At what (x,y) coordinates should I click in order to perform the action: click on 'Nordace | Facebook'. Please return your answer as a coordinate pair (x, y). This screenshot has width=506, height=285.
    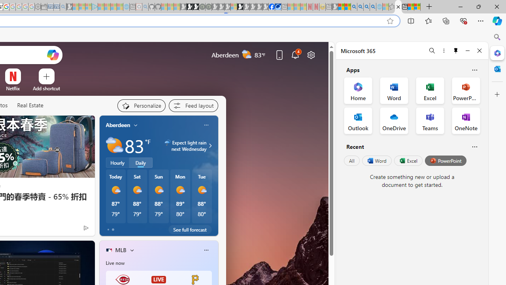
    Looking at the image, I should click on (272, 7).